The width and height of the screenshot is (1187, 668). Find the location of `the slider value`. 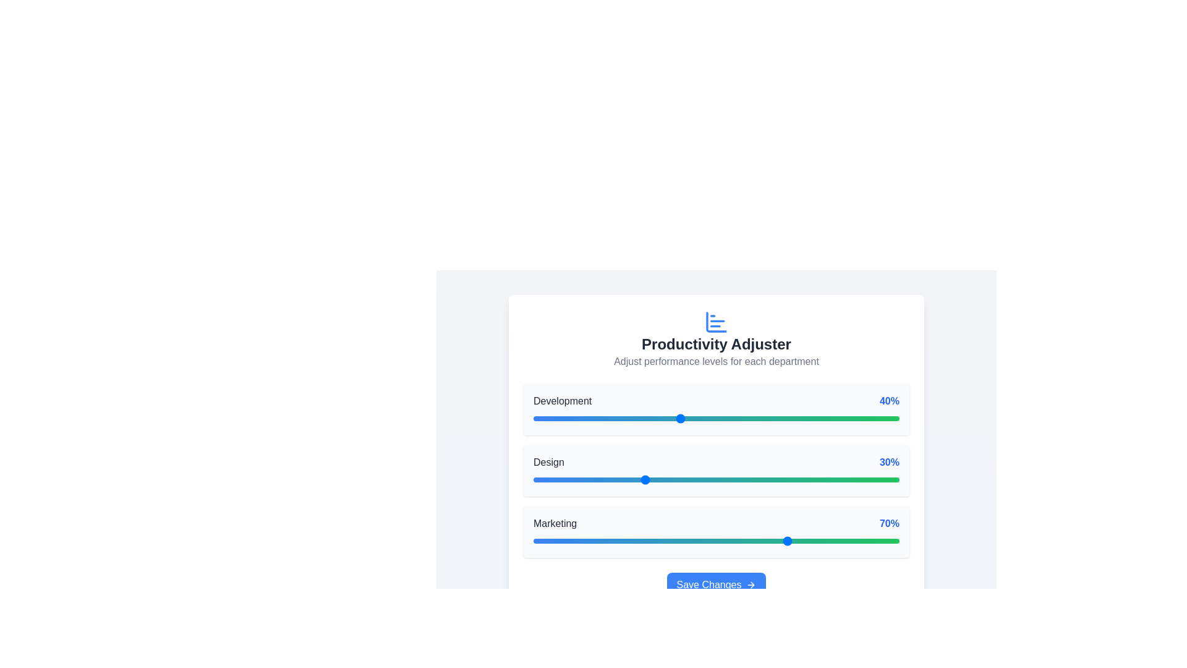

the slider value is located at coordinates (804, 541).